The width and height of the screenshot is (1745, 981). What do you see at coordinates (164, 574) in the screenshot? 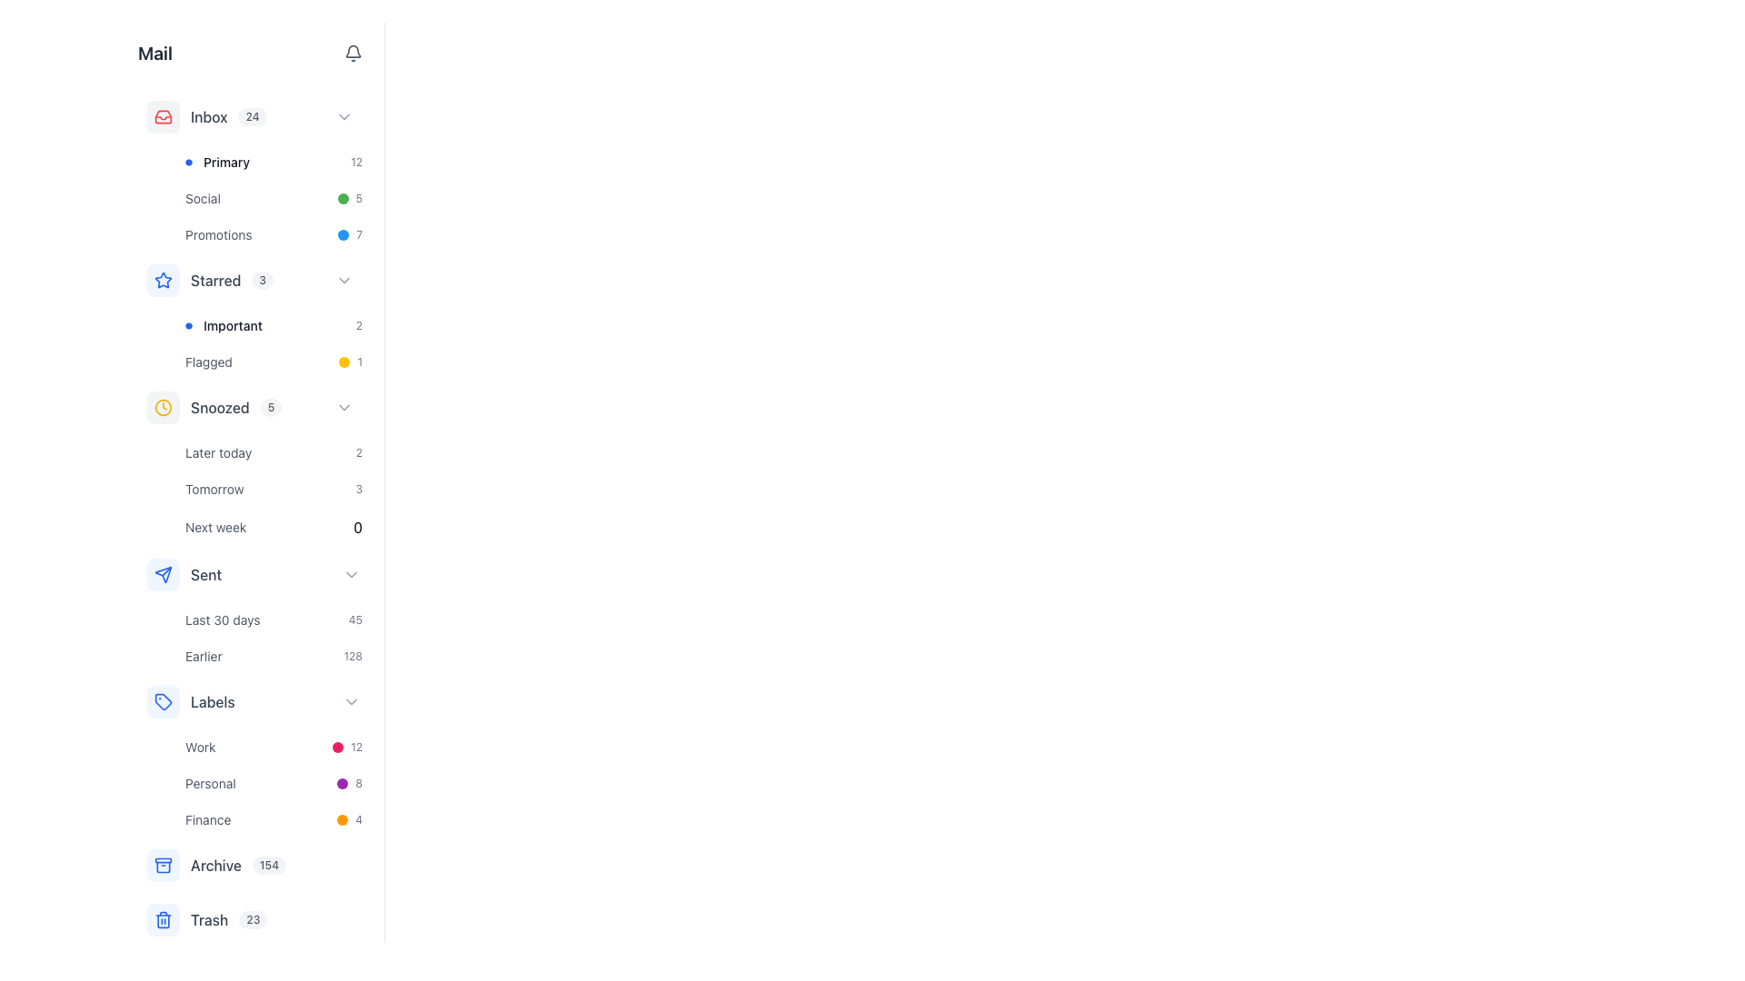
I see `the small triangular icon with a blue border and white background, which represents the 'Sent' menu item in the navigation panel` at bounding box center [164, 574].